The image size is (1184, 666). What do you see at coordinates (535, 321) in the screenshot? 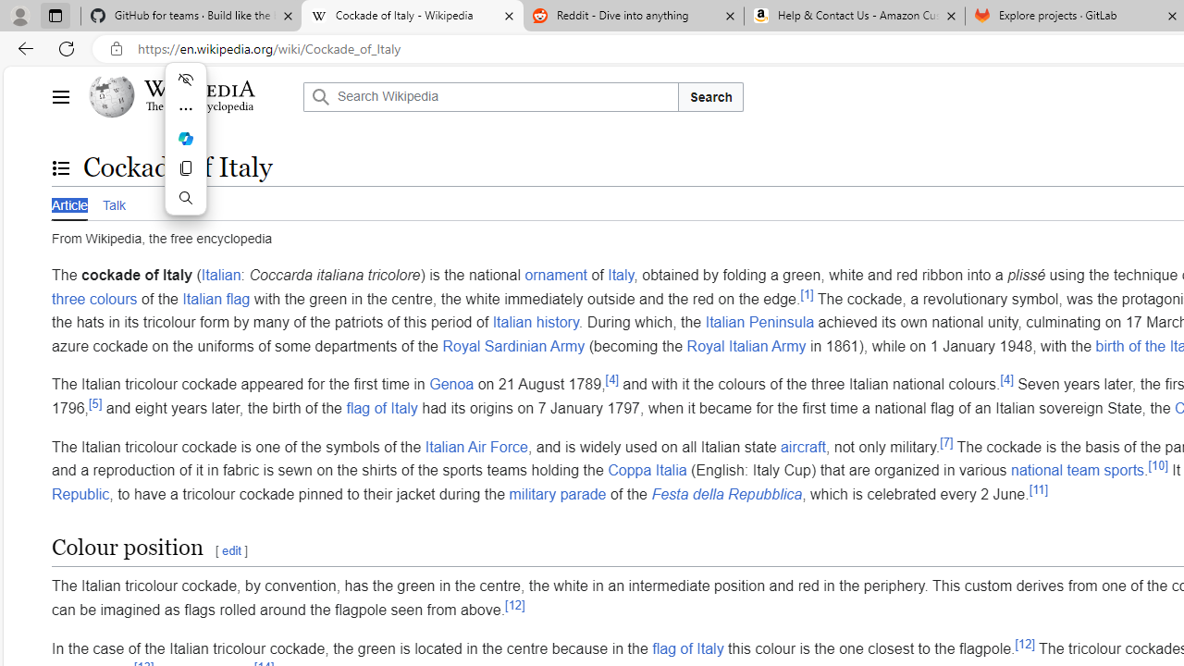
I see `'Italian history'` at bounding box center [535, 321].